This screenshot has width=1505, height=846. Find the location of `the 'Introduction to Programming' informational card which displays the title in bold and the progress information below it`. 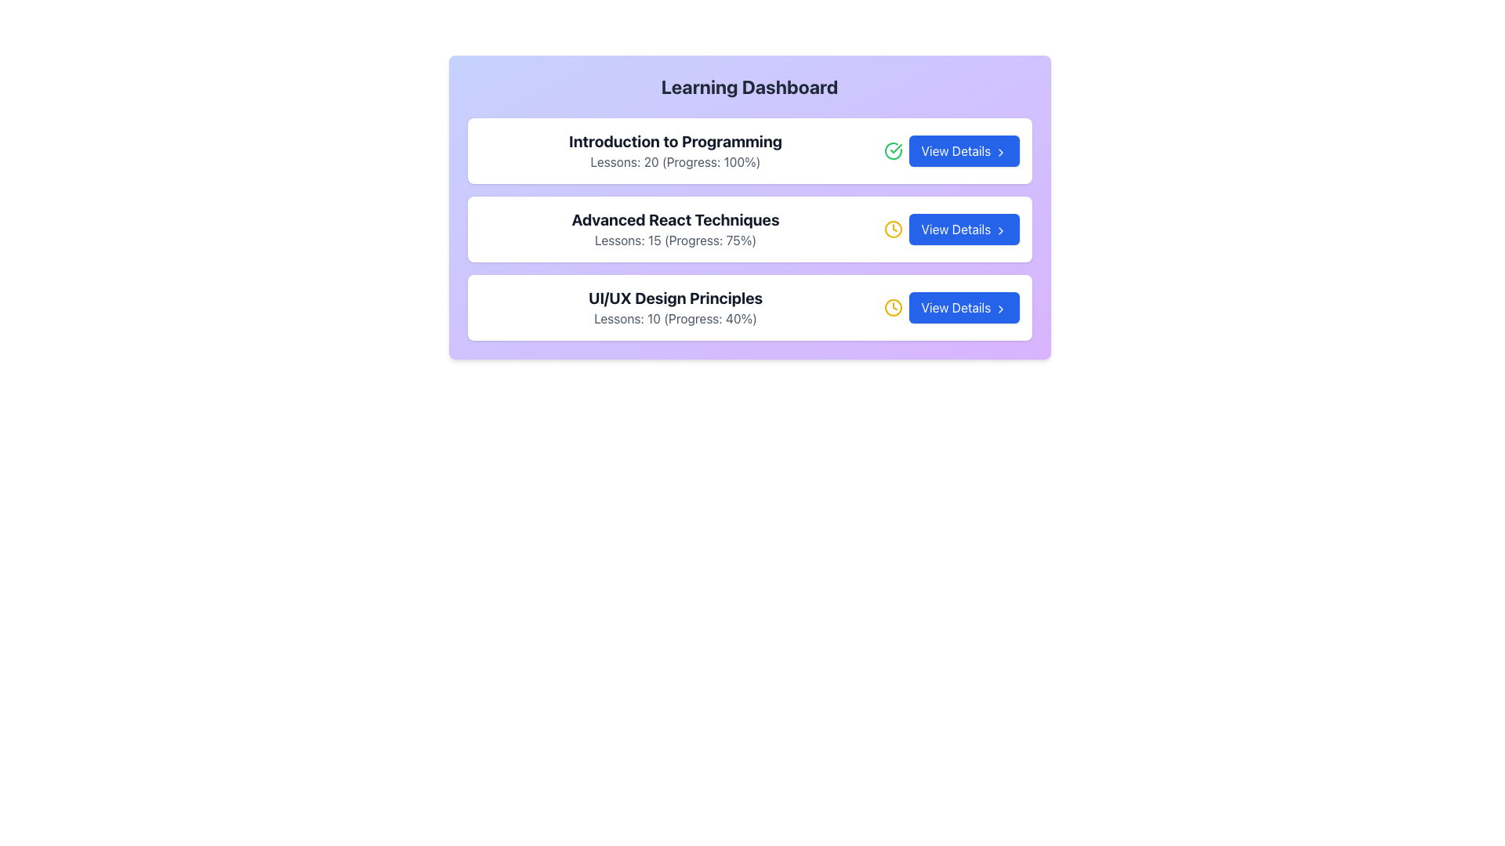

the 'Introduction to Programming' informational card which displays the title in bold and the progress information below it is located at coordinates (676, 150).